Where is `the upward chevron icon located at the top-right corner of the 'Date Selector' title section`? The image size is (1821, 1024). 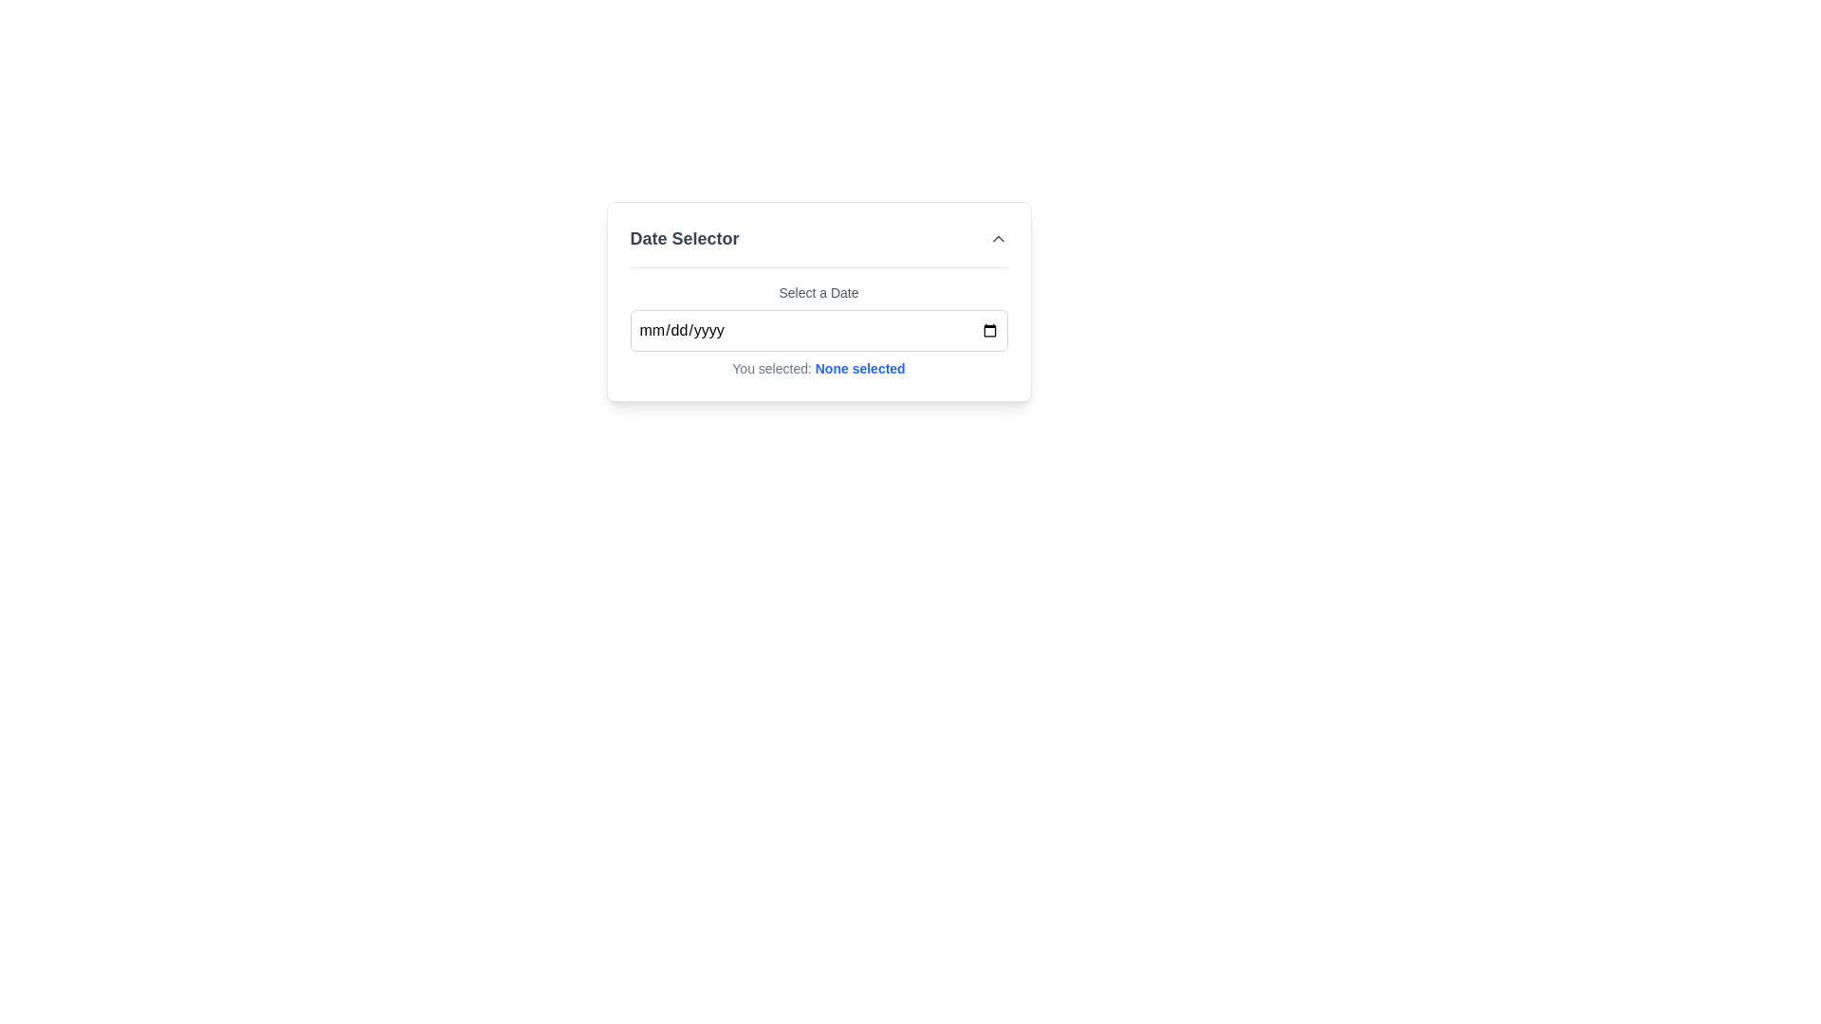 the upward chevron icon located at the top-right corner of the 'Date Selector' title section is located at coordinates (997, 237).